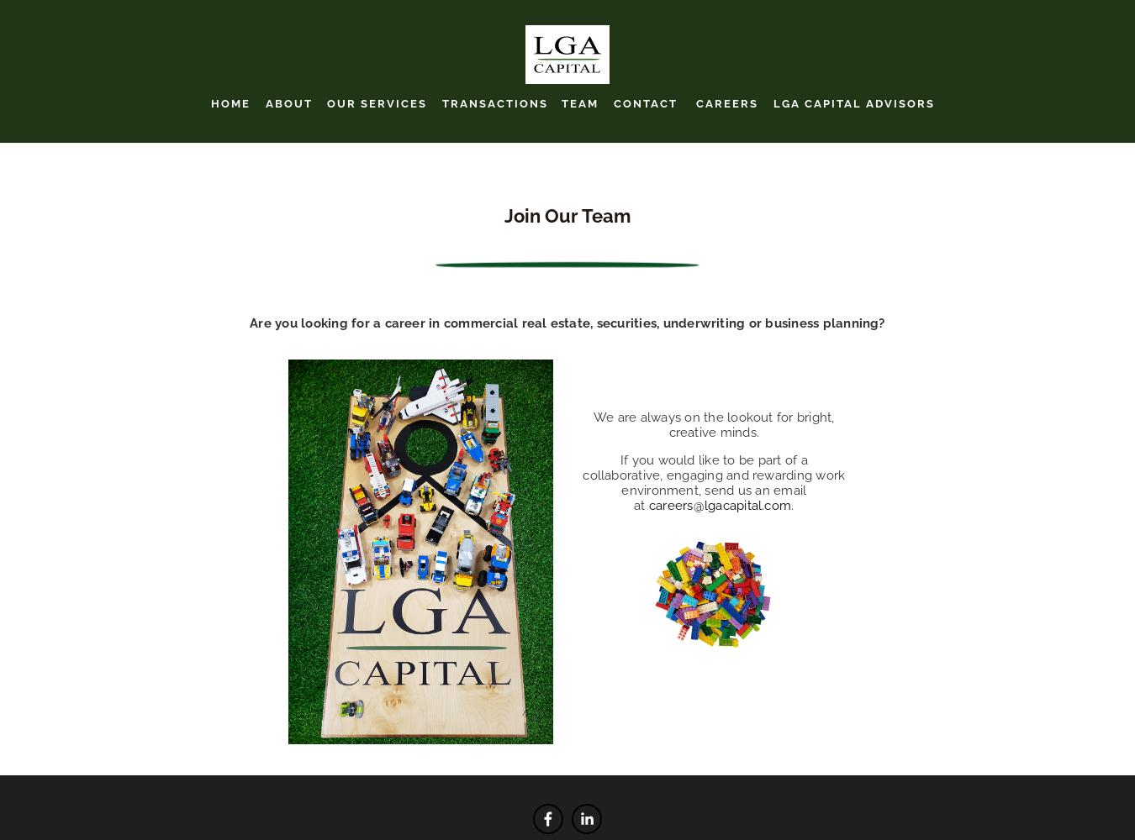 The width and height of the screenshot is (1135, 840). Describe the element at coordinates (791, 504) in the screenshot. I see `'.'` at that location.